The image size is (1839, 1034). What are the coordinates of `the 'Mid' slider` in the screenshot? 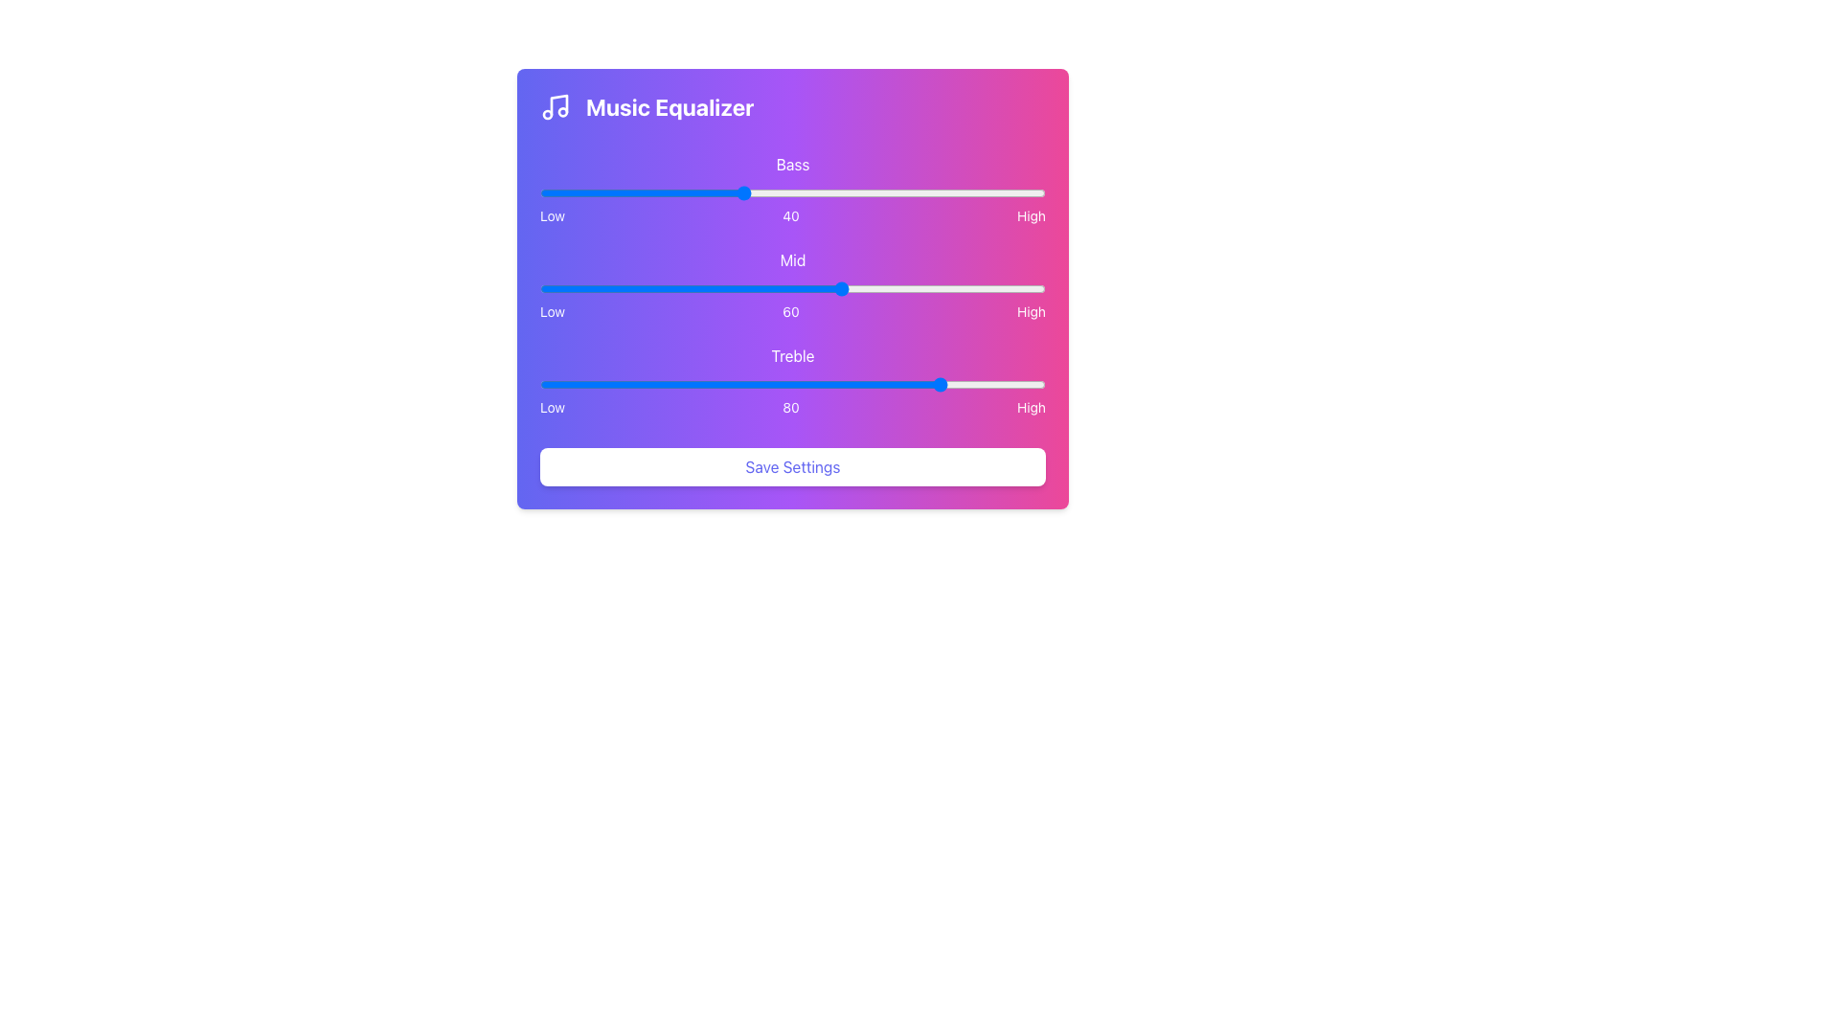 It's located at (843, 288).